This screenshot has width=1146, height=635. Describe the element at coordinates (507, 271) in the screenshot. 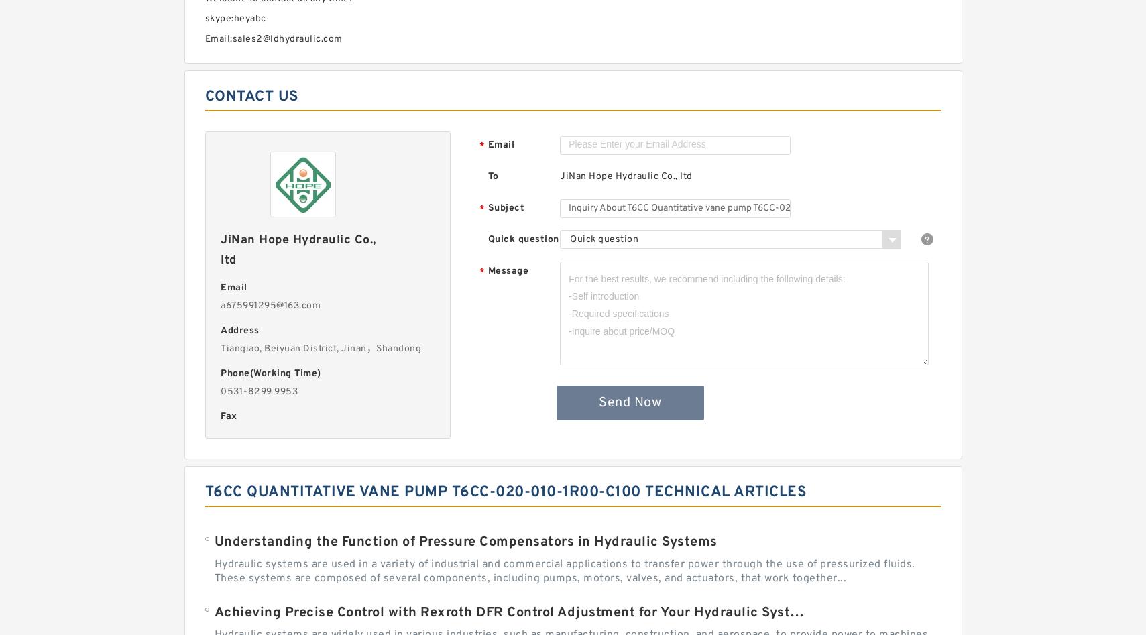

I see `'Message'` at that location.